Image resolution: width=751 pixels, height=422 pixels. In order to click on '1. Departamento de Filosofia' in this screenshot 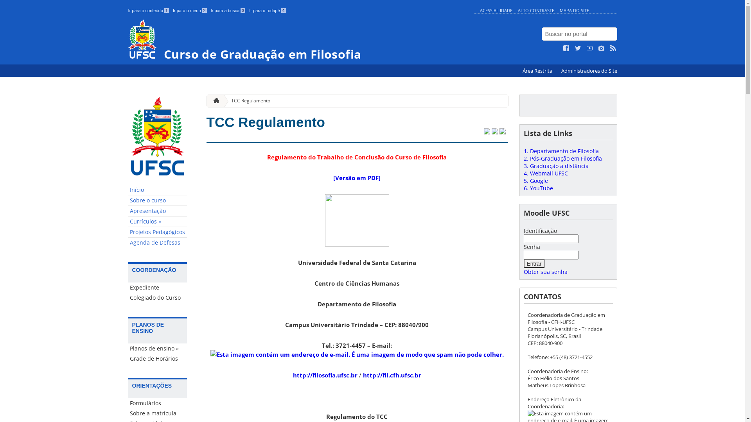, I will do `click(561, 151)`.